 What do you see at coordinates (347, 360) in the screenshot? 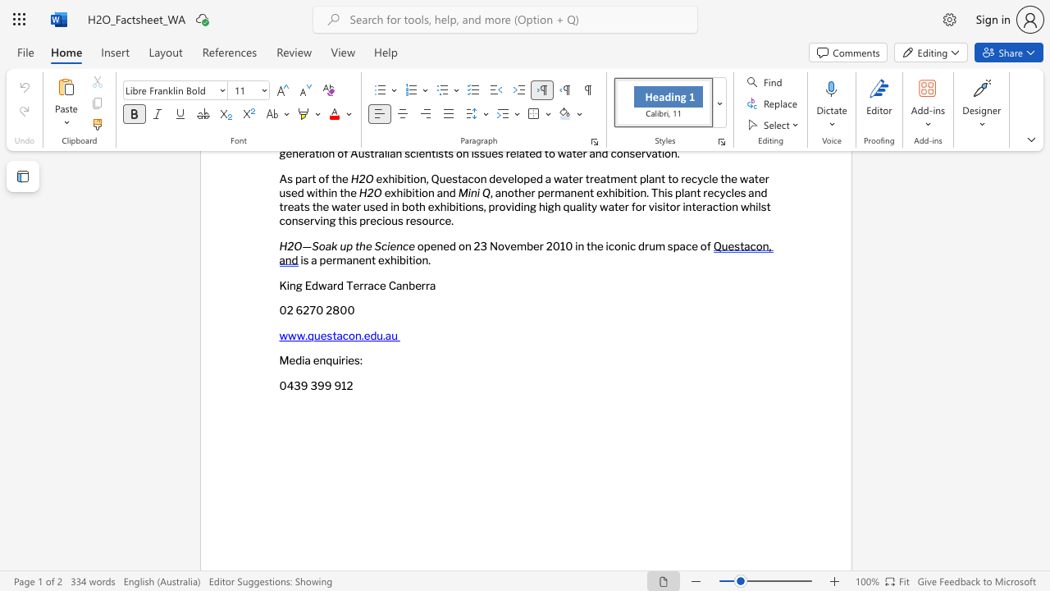
I see `the subset text "es" within the text "Media enquiries:"` at bounding box center [347, 360].